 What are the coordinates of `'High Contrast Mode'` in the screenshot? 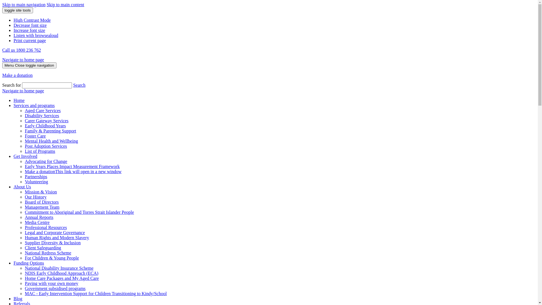 It's located at (32, 20).